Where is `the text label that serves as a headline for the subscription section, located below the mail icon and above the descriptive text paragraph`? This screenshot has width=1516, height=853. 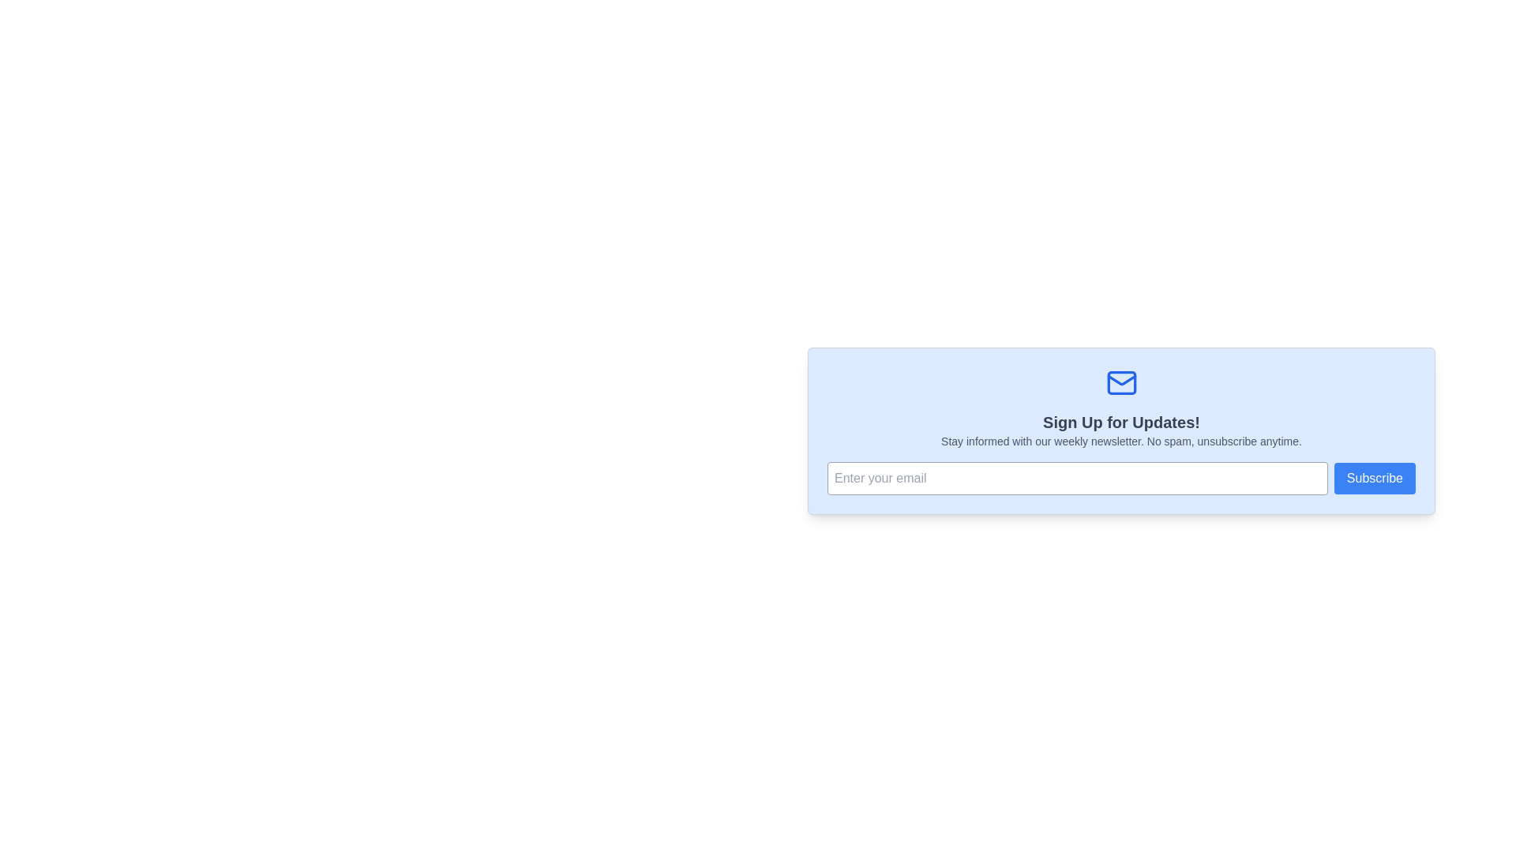
the text label that serves as a headline for the subscription section, located below the mail icon and above the descriptive text paragraph is located at coordinates (1120, 422).